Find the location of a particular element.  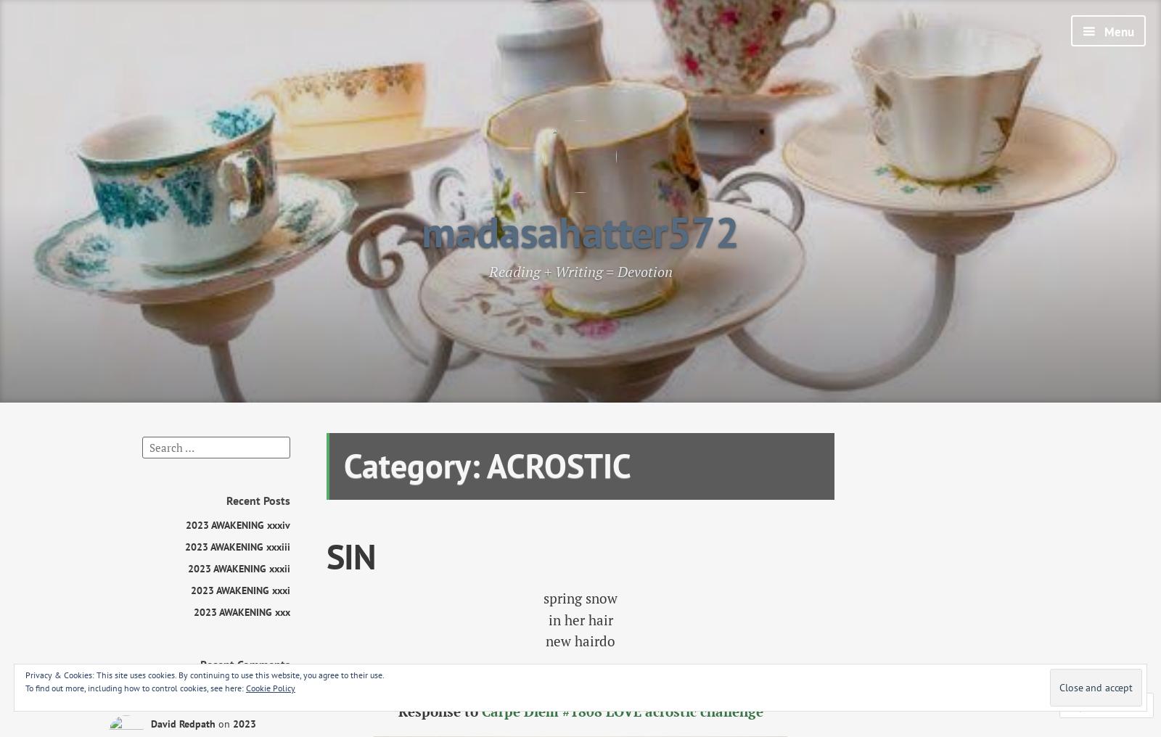

'Carpe Diem #1808 LOVE acrostic challenge' is located at coordinates (620, 711).